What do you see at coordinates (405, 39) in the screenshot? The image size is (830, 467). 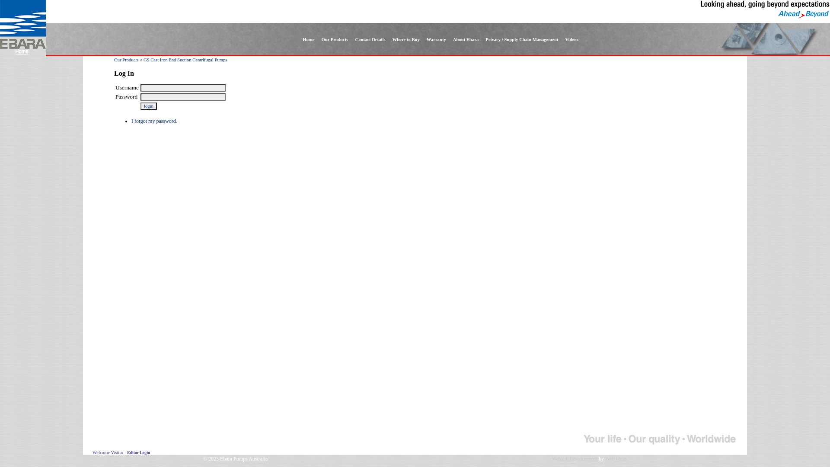 I see `'Where to Buy'` at bounding box center [405, 39].